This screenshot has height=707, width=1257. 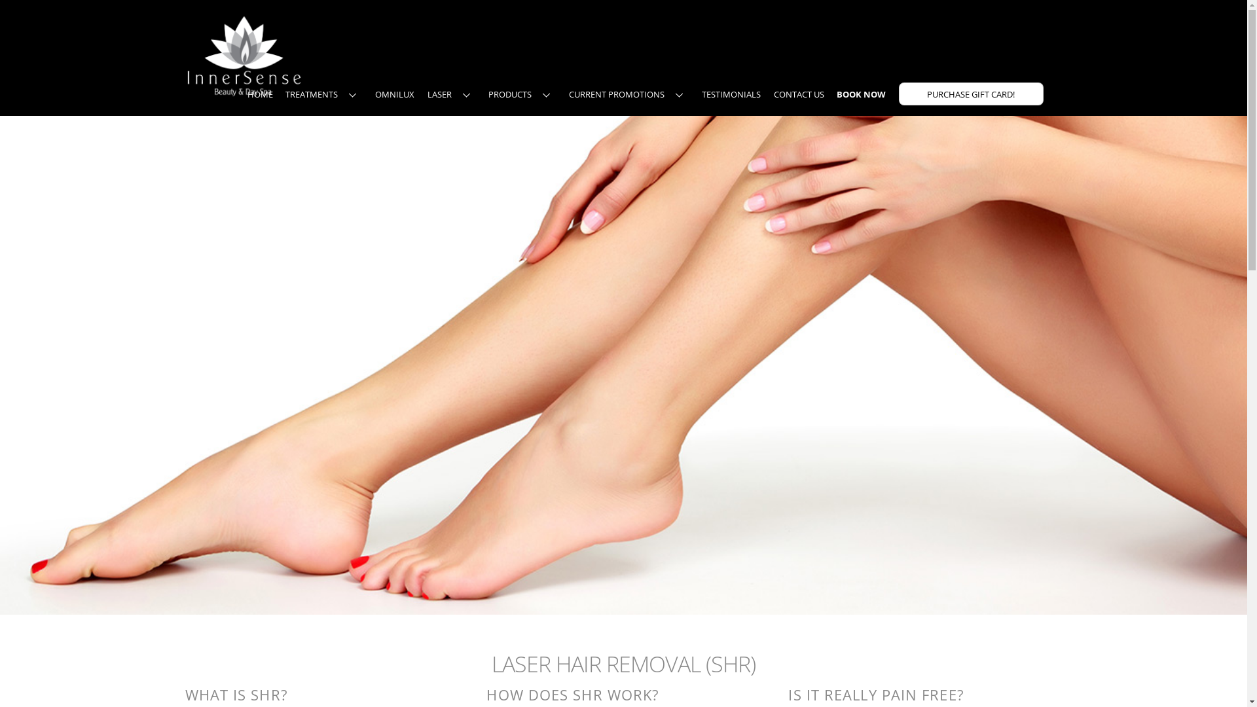 I want to click on 'TESTIMONIALS', so click(x=731, y=93).